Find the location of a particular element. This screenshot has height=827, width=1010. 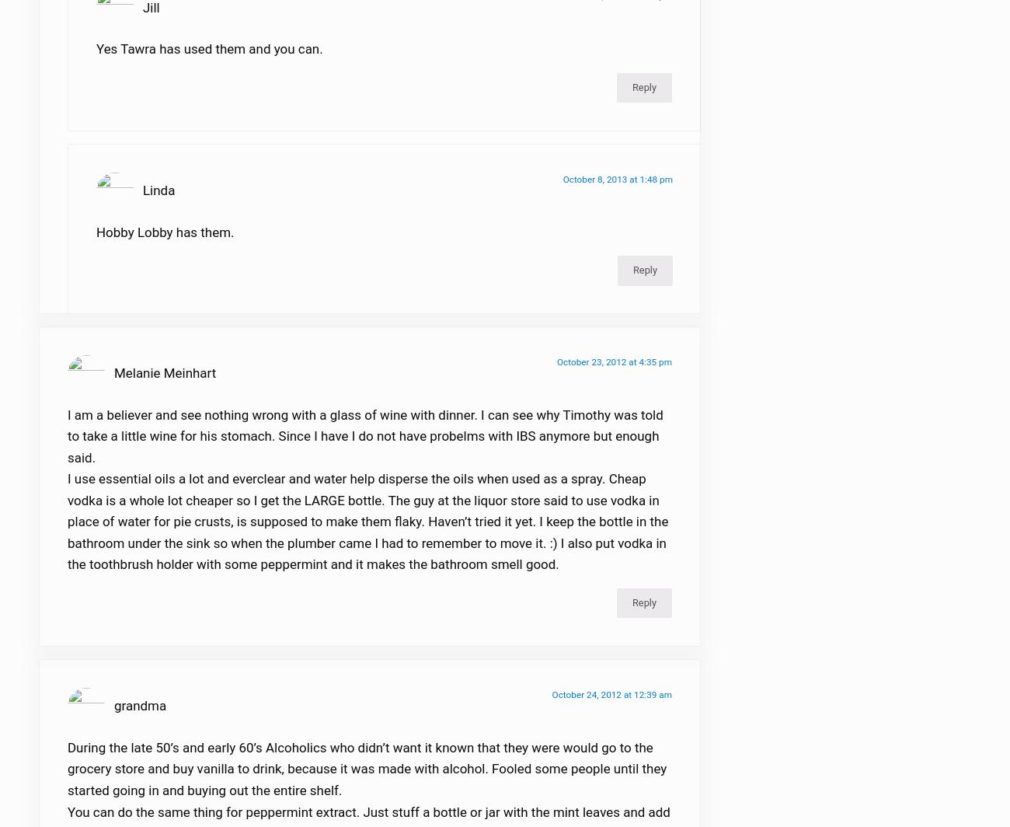

'Yes Tawra has used them and you can.' is located at coordinates (208, 58).